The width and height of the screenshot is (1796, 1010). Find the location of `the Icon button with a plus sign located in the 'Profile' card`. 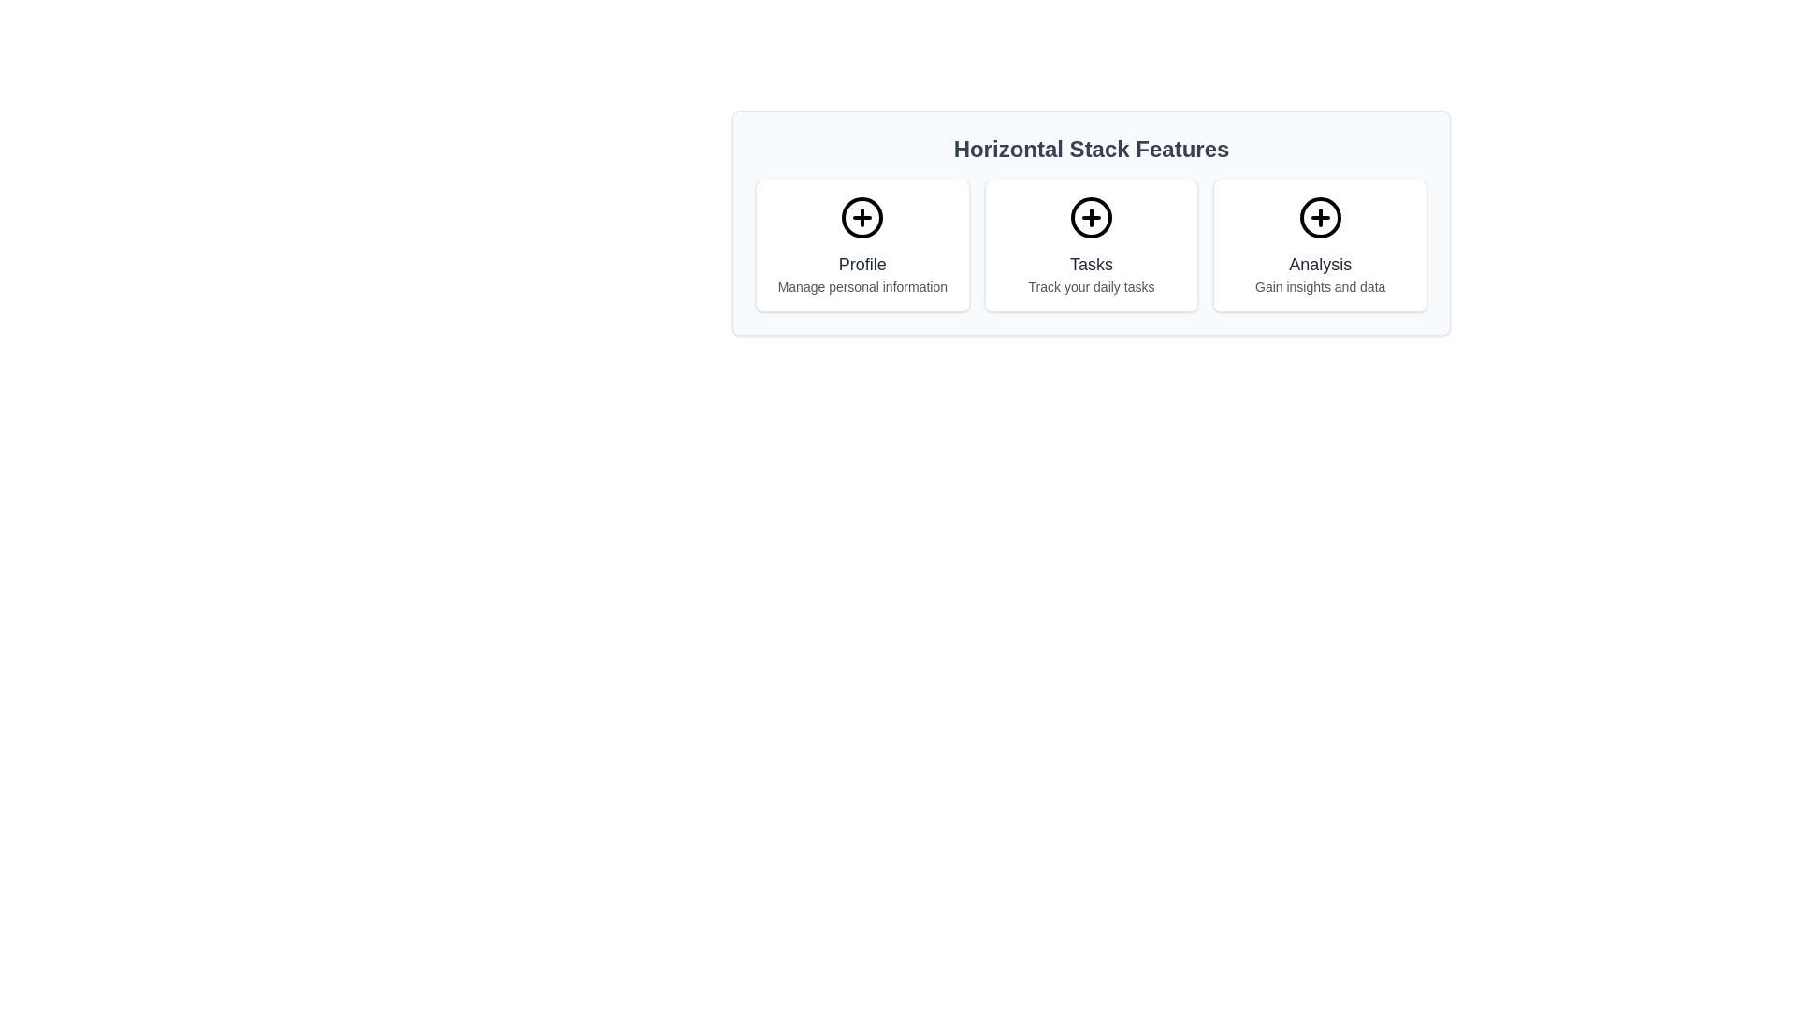

the Icon button with a plus sign located in the 'Profile' card is located at coordinates (862, 216).